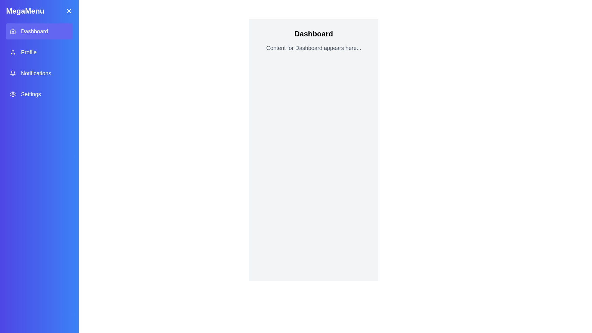  What do you see at coordinates (13, 31) in the screenshot?
I see `the small house-shaped icon with a purple background` at bounding box center [13, 31].